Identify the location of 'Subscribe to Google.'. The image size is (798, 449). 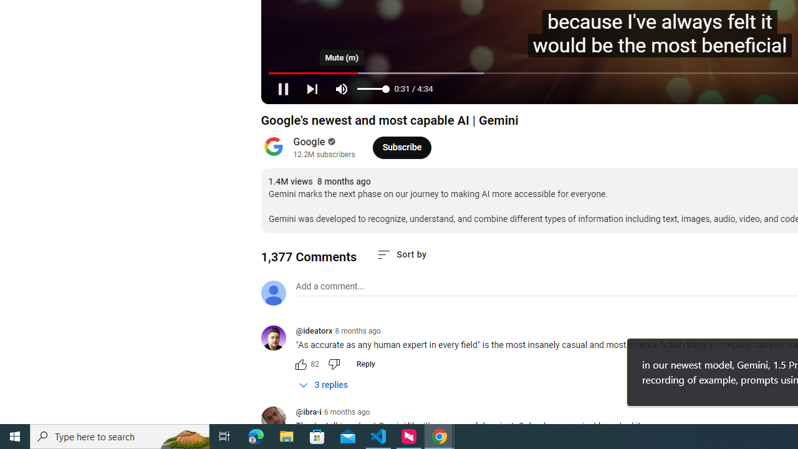
(401, 147).